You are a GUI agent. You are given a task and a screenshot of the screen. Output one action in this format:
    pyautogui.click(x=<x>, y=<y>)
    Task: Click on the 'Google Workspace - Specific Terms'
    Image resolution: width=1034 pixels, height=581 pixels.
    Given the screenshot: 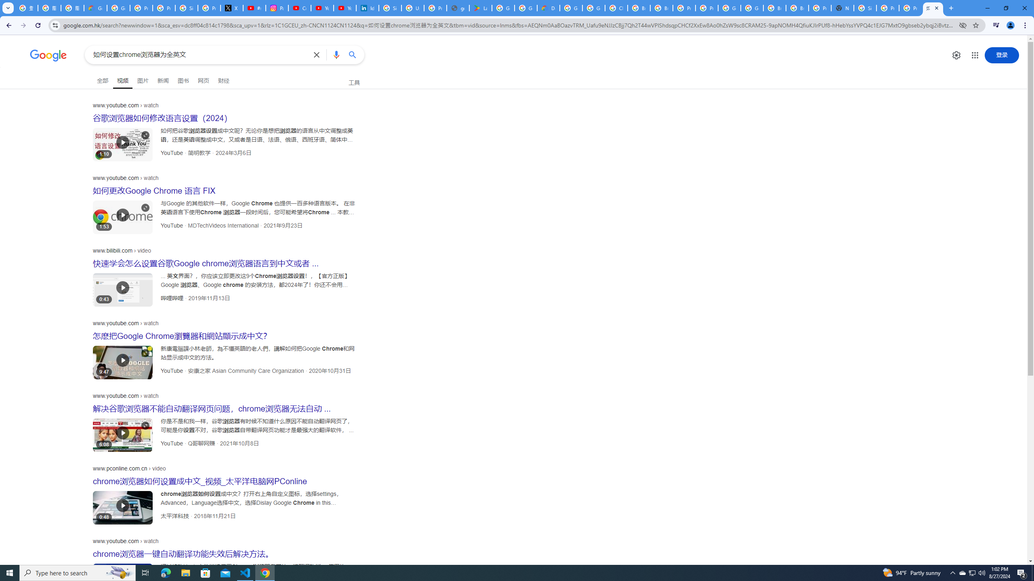 What is the action you would take?
    pyautogui.click(x=525, y=8)
    